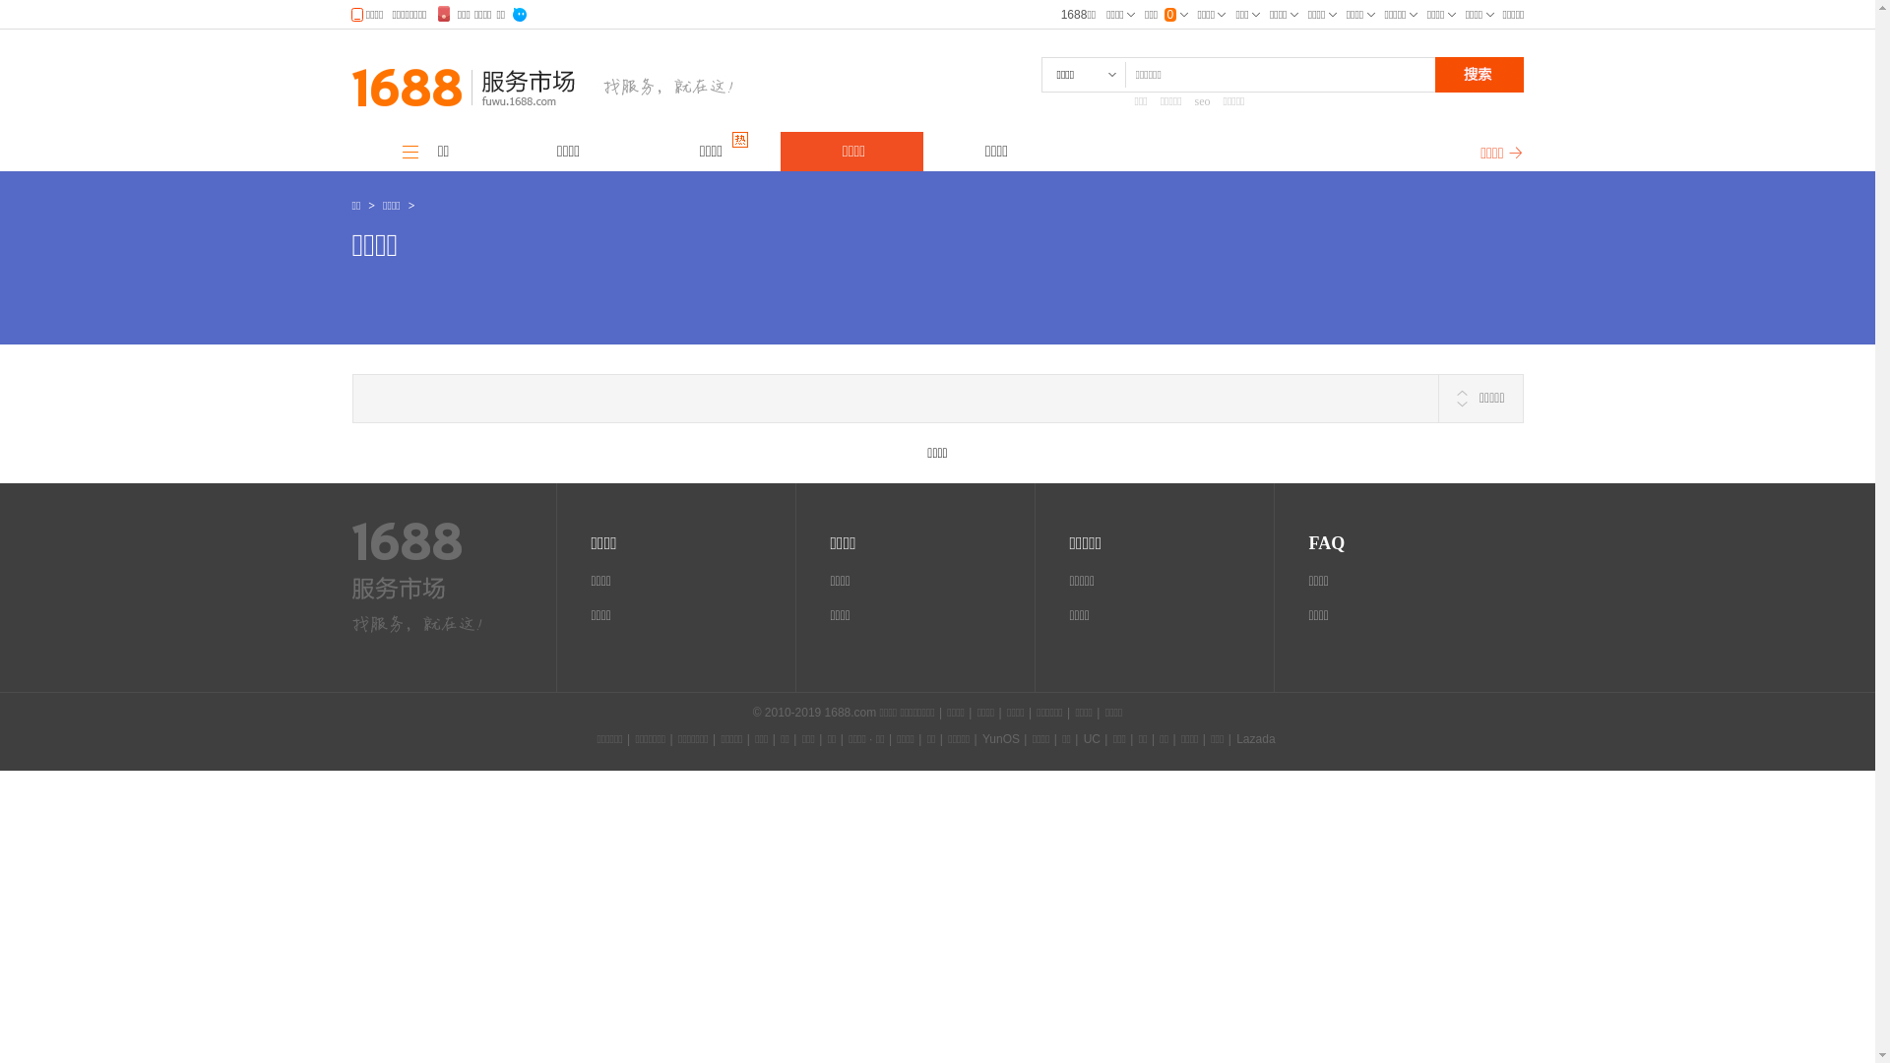 The width and height of the screenshot is (1890, 1063). Describe the element at coordinates (1091, 739) in the screenshot. I see `'UC'` at that location.